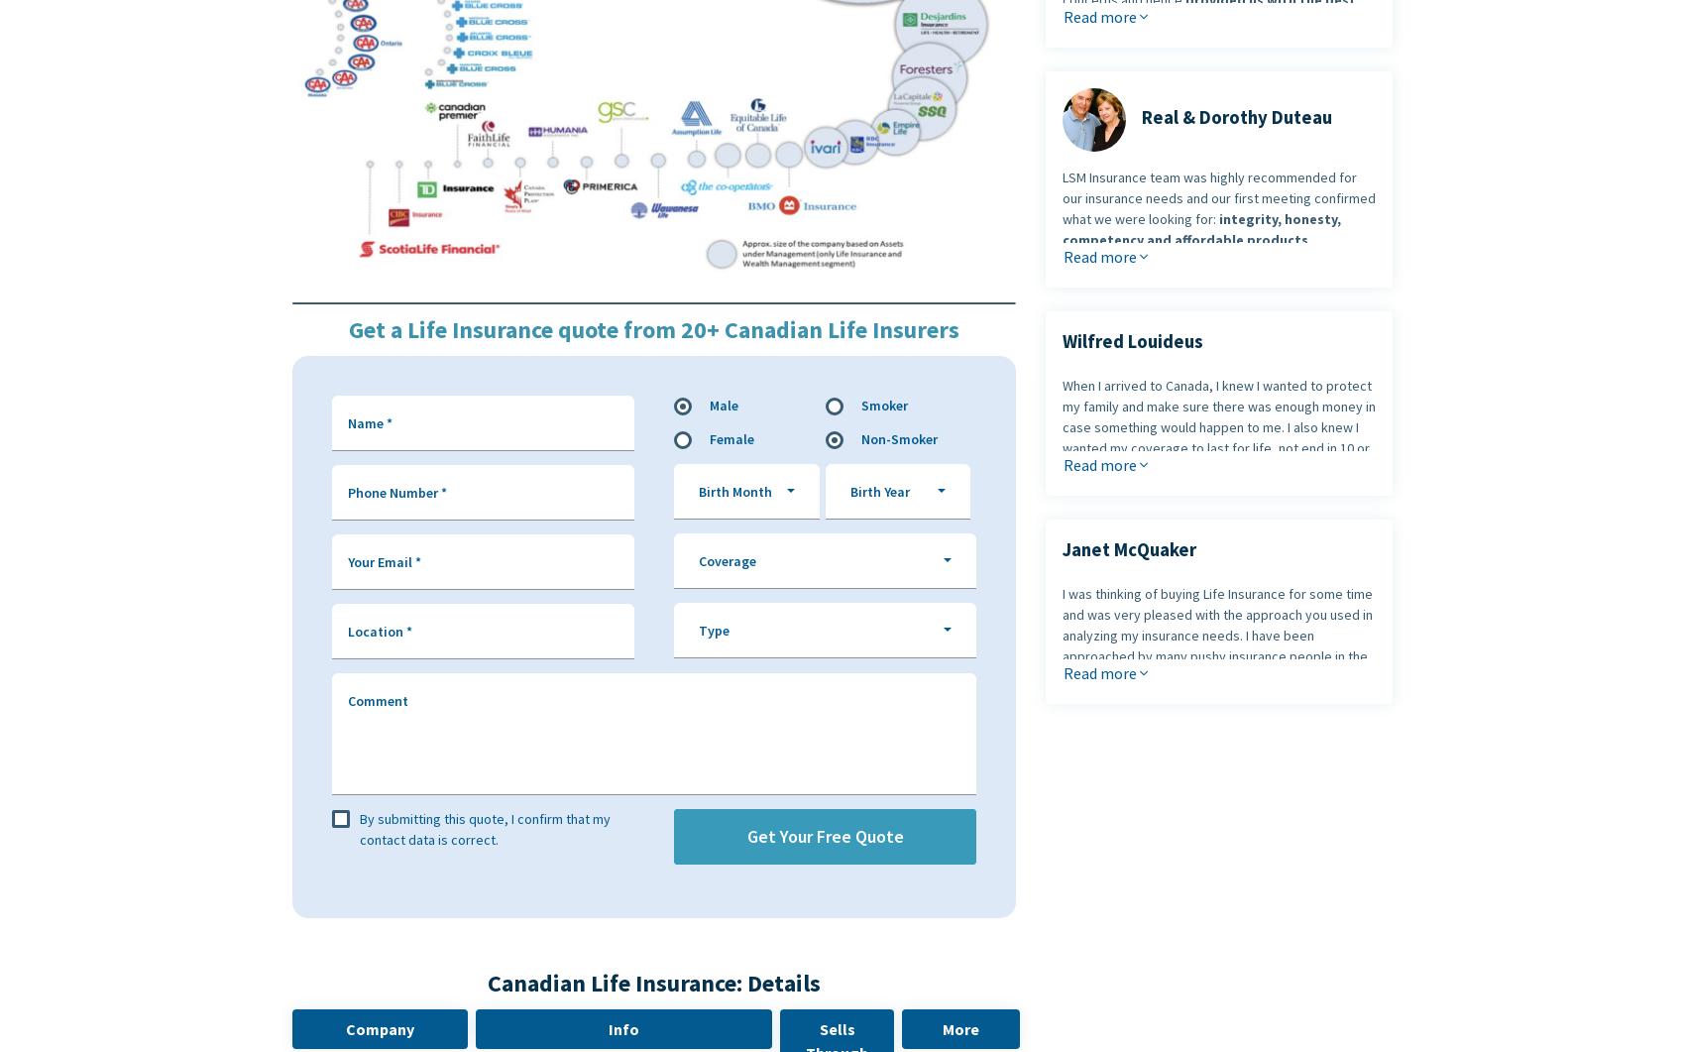  What do you see at coordinates (898, 438) in the screenshot?
I see `'Non-Smoker'` at bounding box center [898, 438].